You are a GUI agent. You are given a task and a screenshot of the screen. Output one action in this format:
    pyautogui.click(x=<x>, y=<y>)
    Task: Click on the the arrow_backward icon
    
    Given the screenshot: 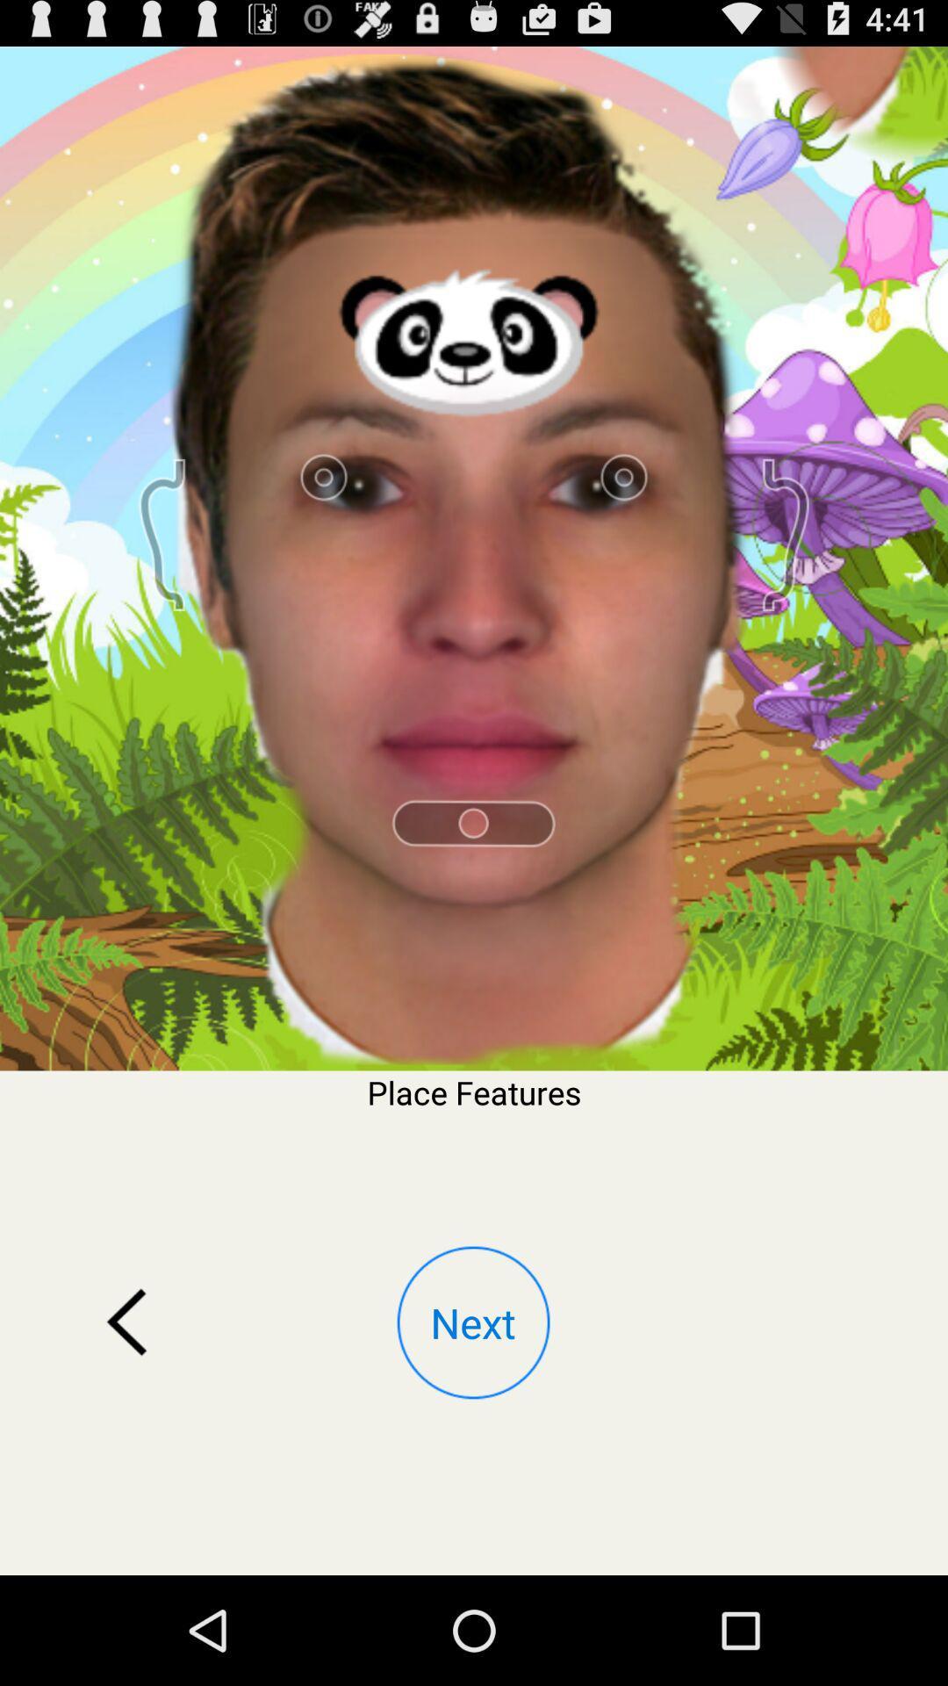 What is the action you would take?
    pyautogui.click(x=126, y=1416)
    